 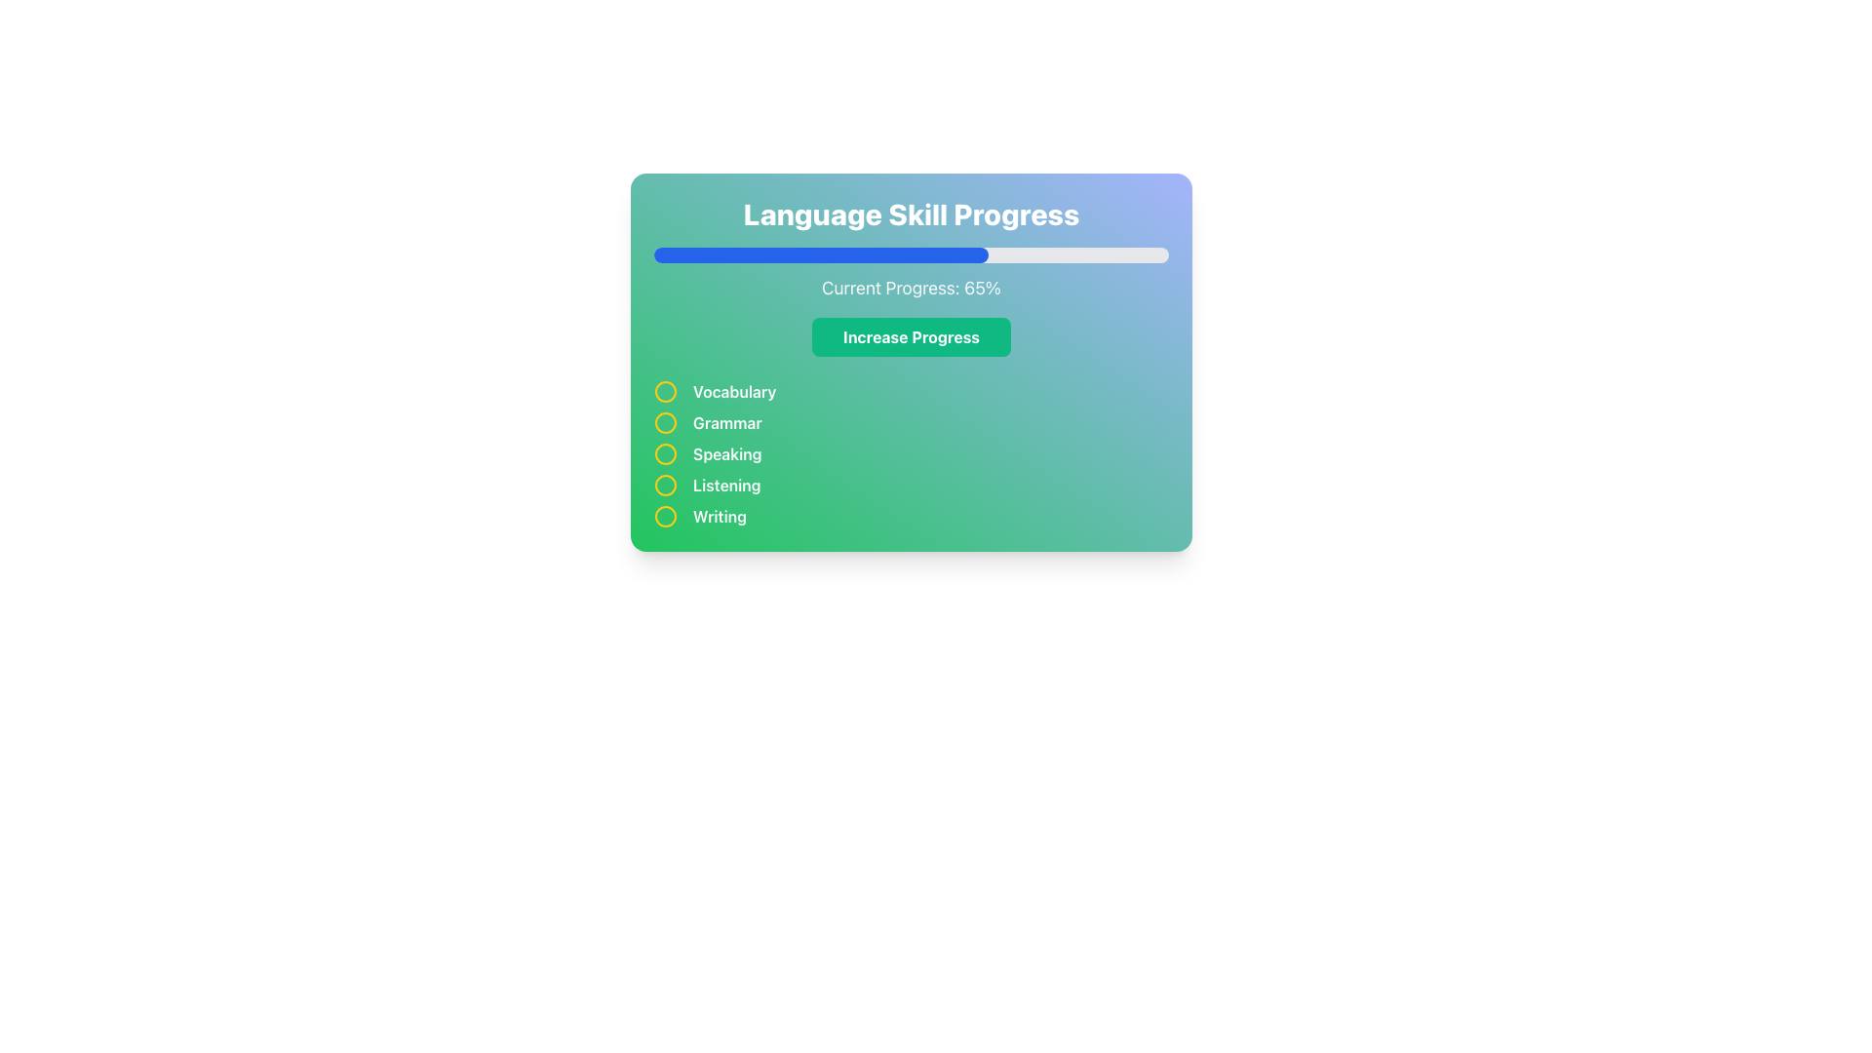 I want to click on the non-interactive SVG icon representing a circular marker, which visually indicates the 'Writing' list item as the fifth item in the checklist, so click(x=665, y=515).